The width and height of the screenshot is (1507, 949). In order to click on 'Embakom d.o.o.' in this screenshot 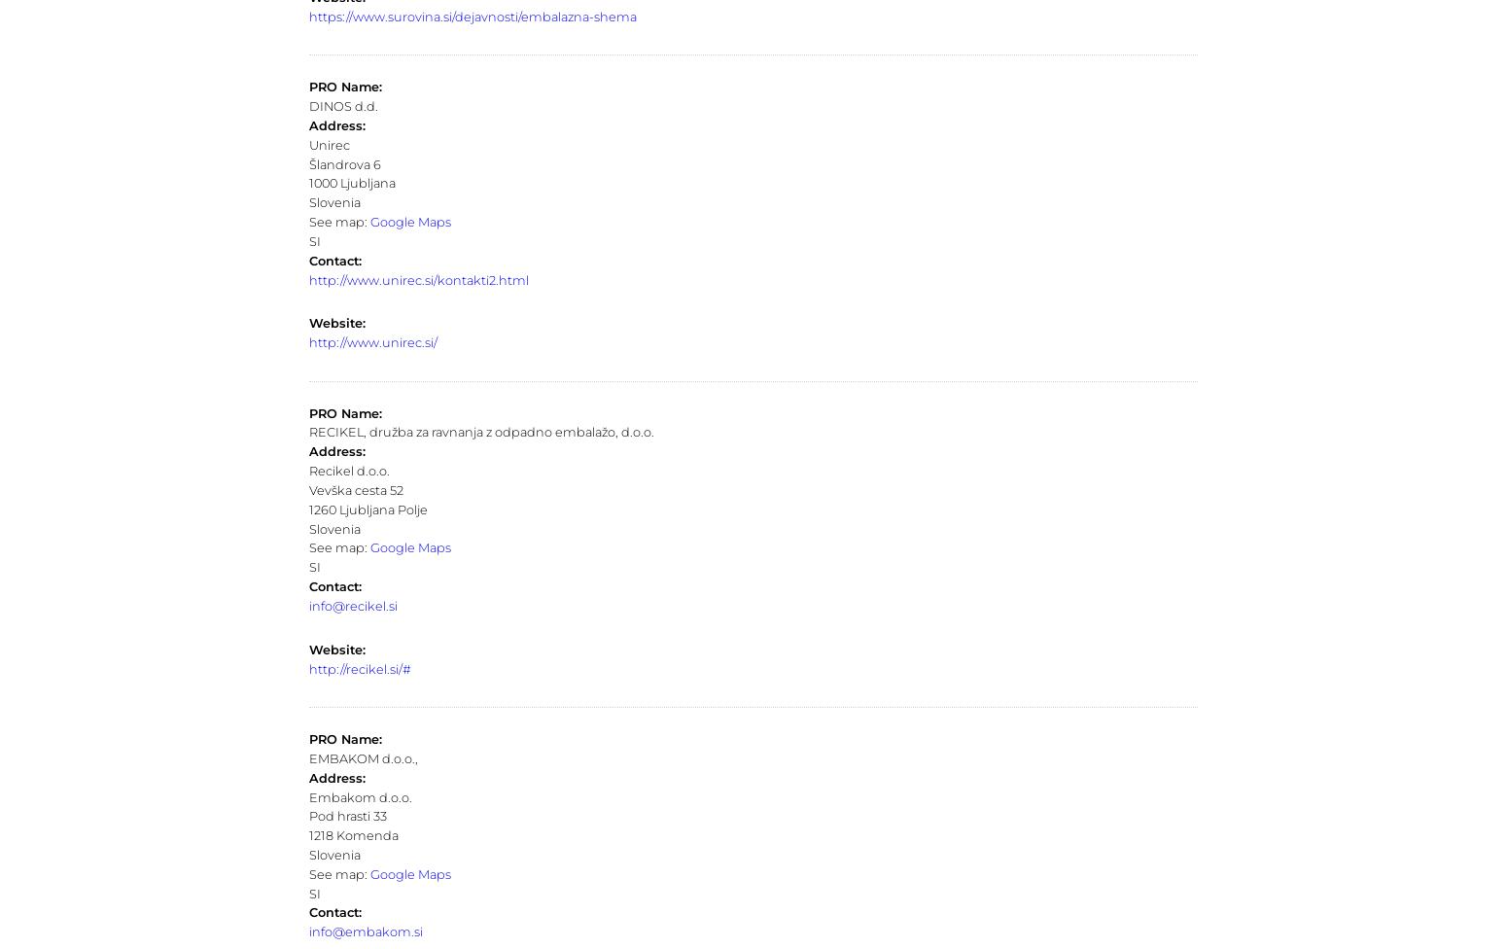, I will do `click(358, 796)`.